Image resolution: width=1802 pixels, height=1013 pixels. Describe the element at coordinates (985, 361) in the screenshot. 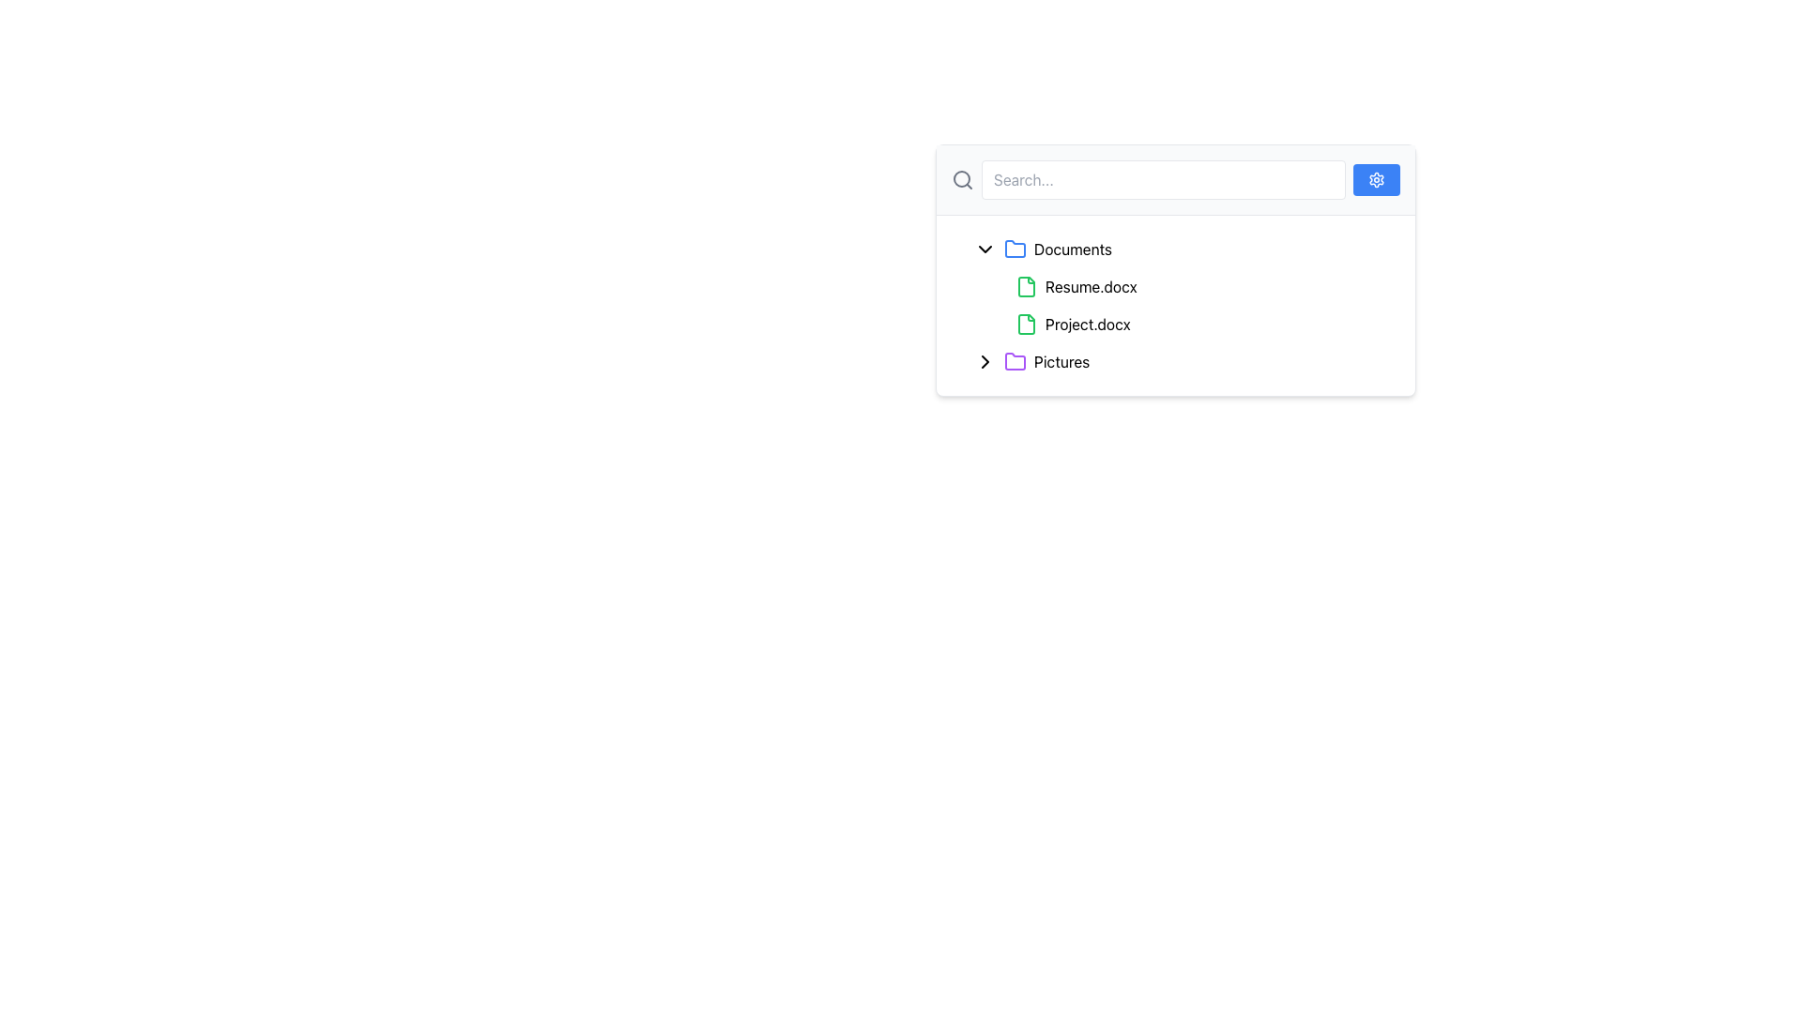

I see `the icon indicating the 'Pictures' folder in the file browsing interface` at that location.